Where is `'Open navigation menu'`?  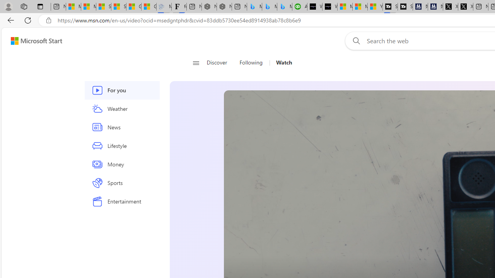
'Open navigation menu' is located at coordinates (196, 63).